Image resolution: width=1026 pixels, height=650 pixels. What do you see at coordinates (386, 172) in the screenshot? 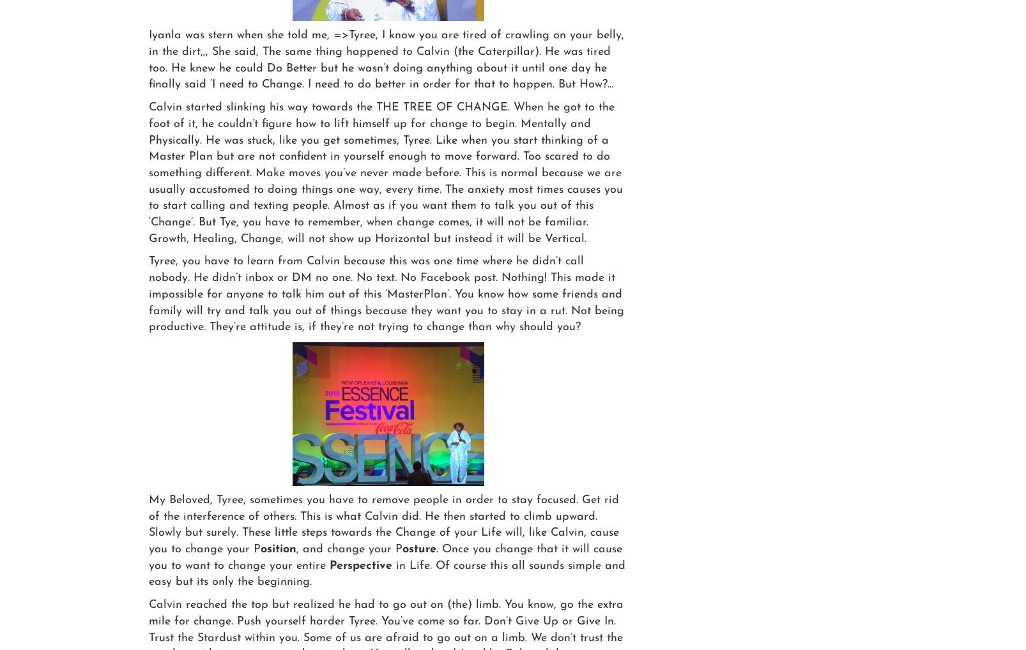
I see `'Calvin started slinking his way towards the THE TREE OF CHANGE. When he got to the foot of it, he couldn’t figure how to lift himself up for change to begin. Mentally and Physically. He was stuck, like you get sometimes, Tyree. Like when you start thinking of a Master Plan but are not confident in yourself enough to move forward. Too scared to do something different. Make moves you’ve never made before. This is normal because we are usually accustomed to doing things one way, every time. The anxiety most times causes you to start calling and texting people. Almost as if you want them to talk you out of this ‘Change’. But Tye, you have to remember, when change comes, it will not be familiar. Growth, Healing, Change, will not show up Horizontal but instead it will be Vertical.'` at bounding box center [386, 172].